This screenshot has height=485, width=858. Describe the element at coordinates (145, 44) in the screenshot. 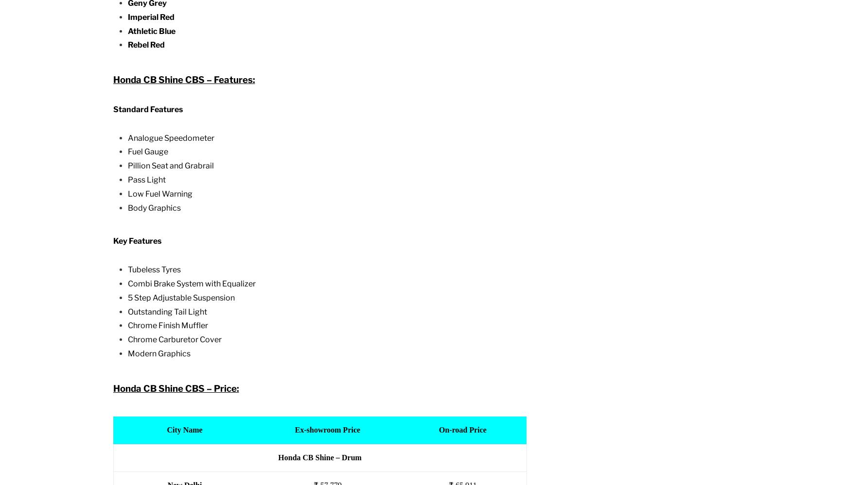

I see `'Rebel Red'` at that location.